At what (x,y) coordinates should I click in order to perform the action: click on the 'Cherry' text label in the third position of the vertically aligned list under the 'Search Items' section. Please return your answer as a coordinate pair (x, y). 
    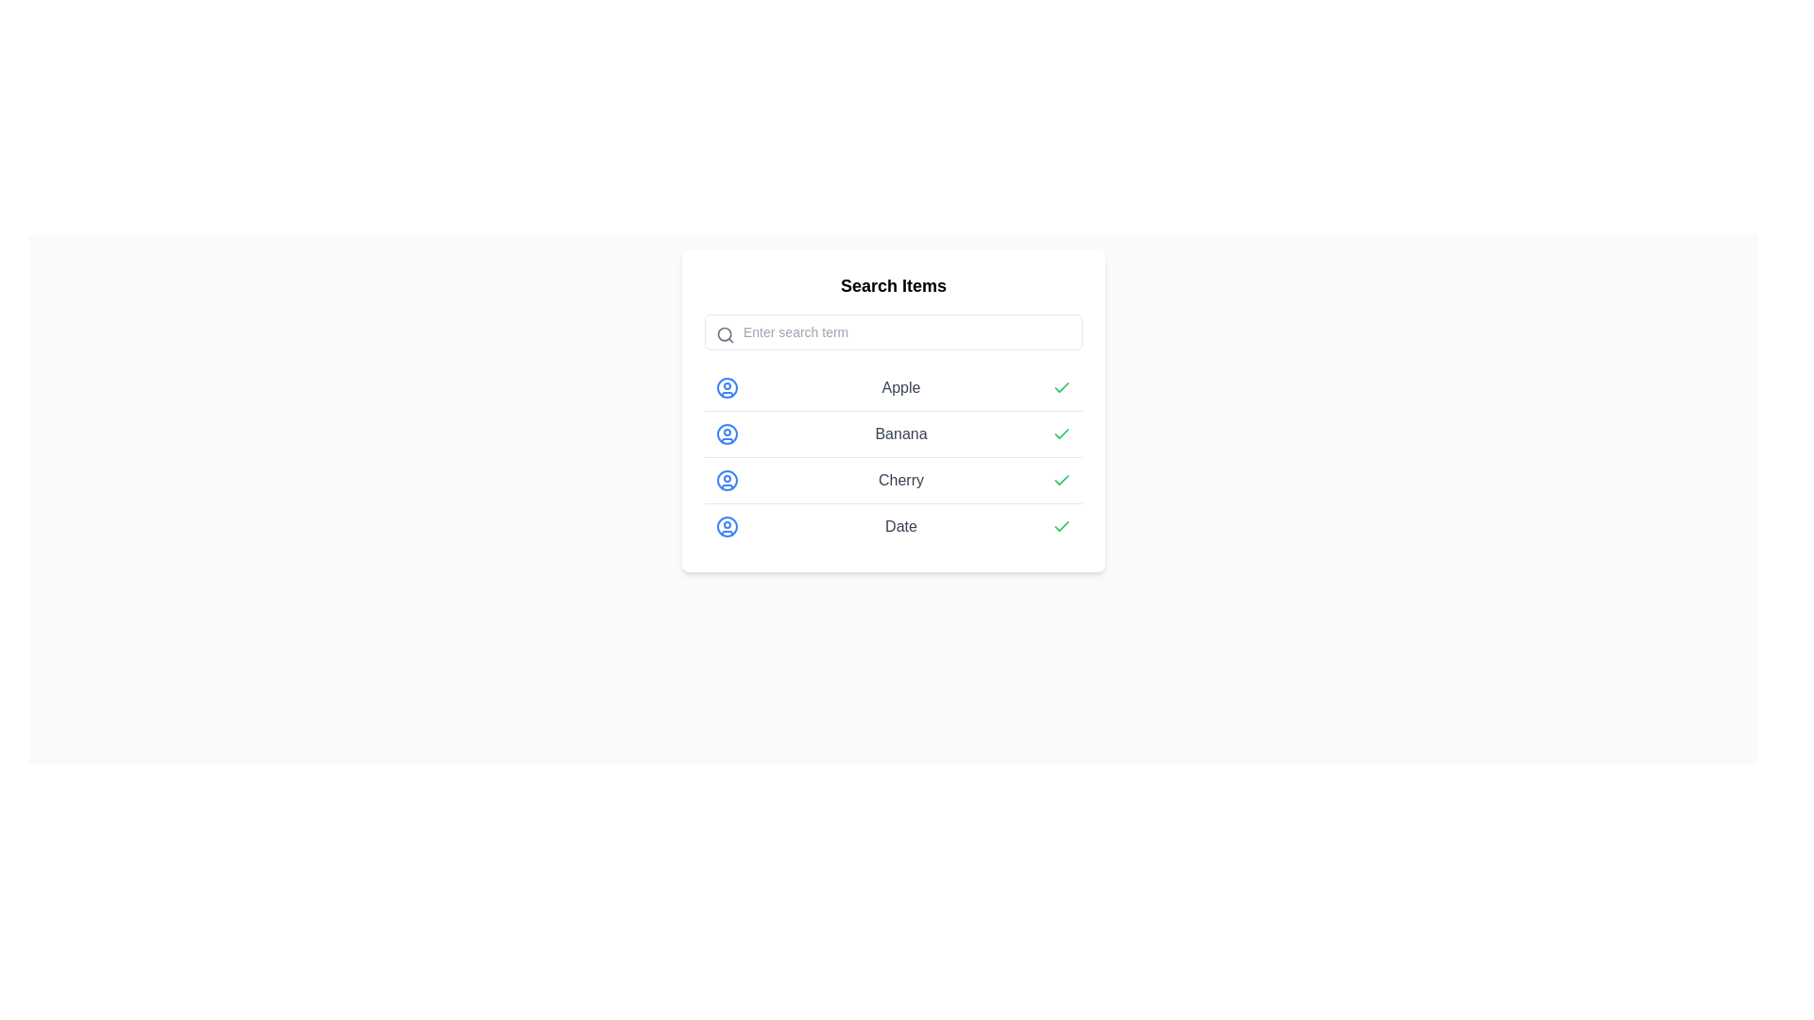
    Looking at the image, I should click on (900, 480).